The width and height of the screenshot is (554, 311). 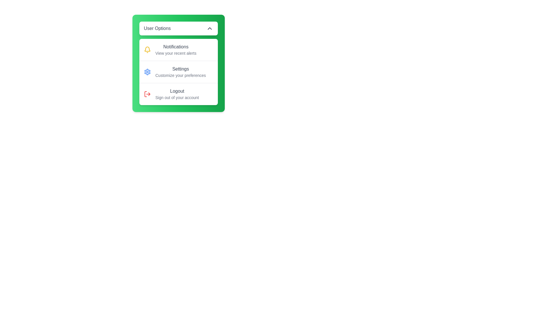 I want to click on the Text label for settings, which is the second entry, so click(x=180, y=72).